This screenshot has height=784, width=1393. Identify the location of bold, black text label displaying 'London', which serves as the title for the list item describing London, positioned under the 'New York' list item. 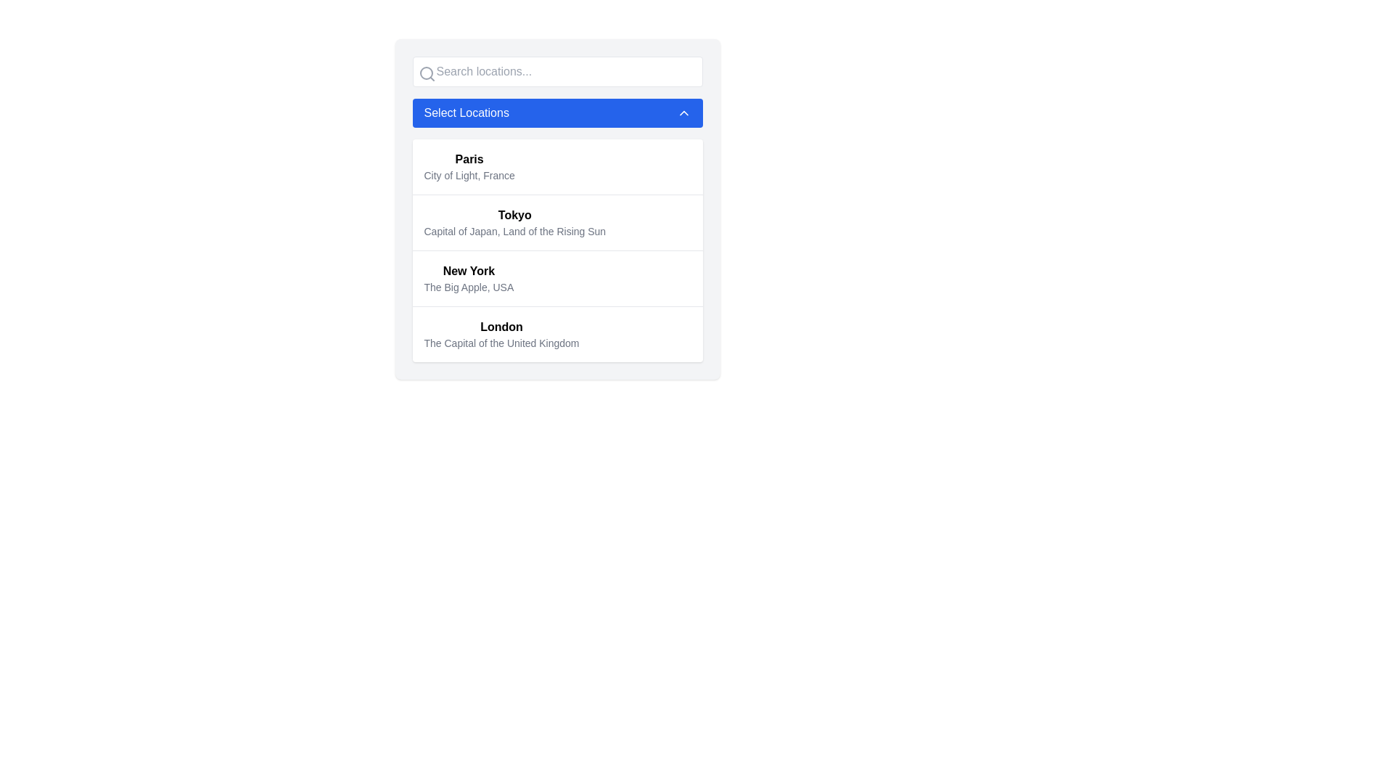
(501, 327).